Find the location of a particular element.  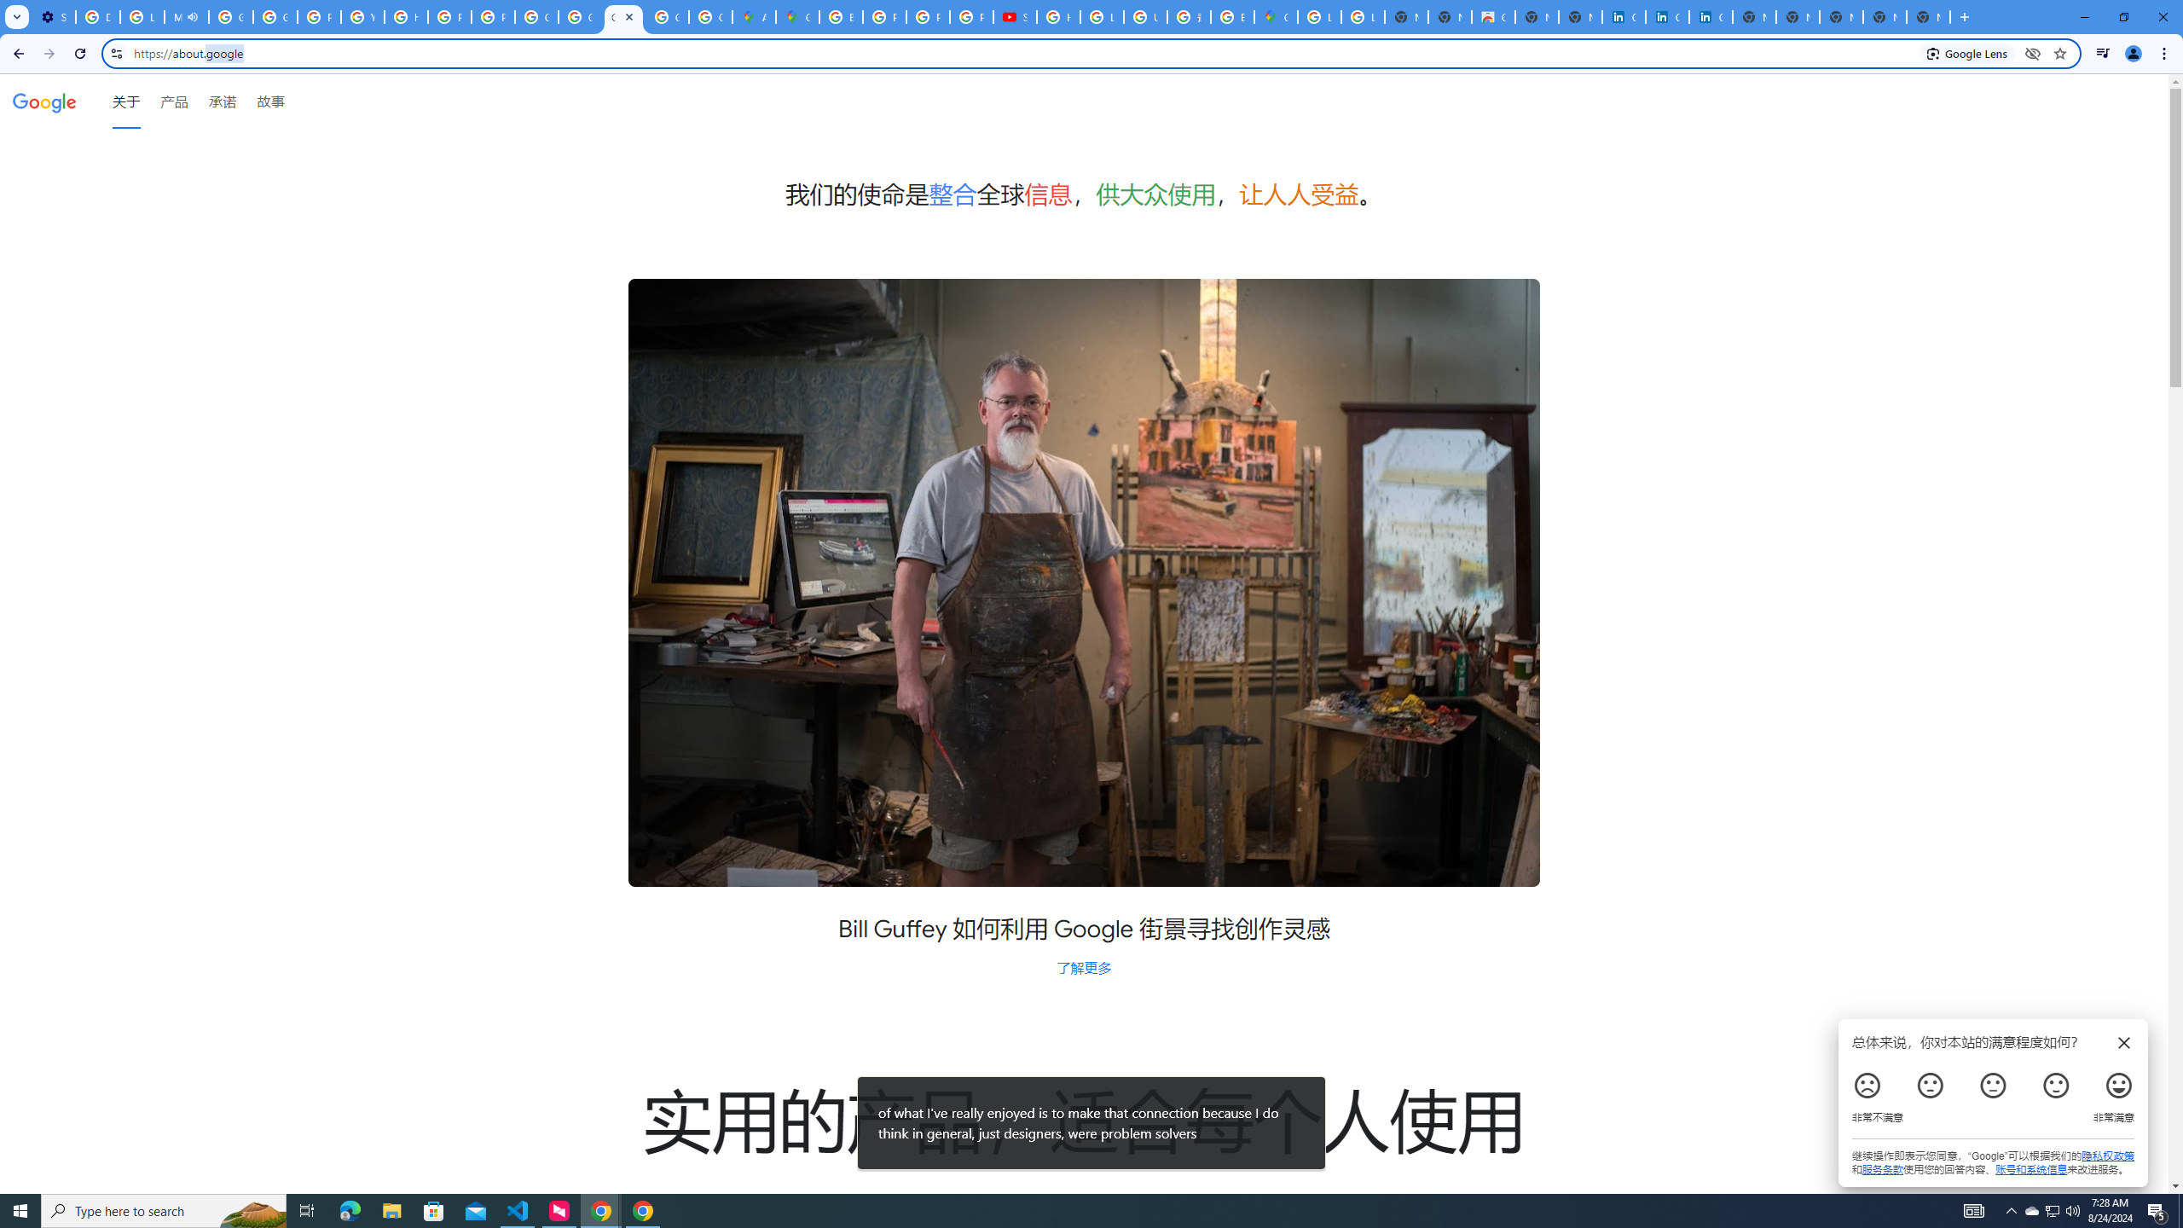

'Blogger Policies and Guidelines - Transparency Center' is located at coordinates (841, 16).